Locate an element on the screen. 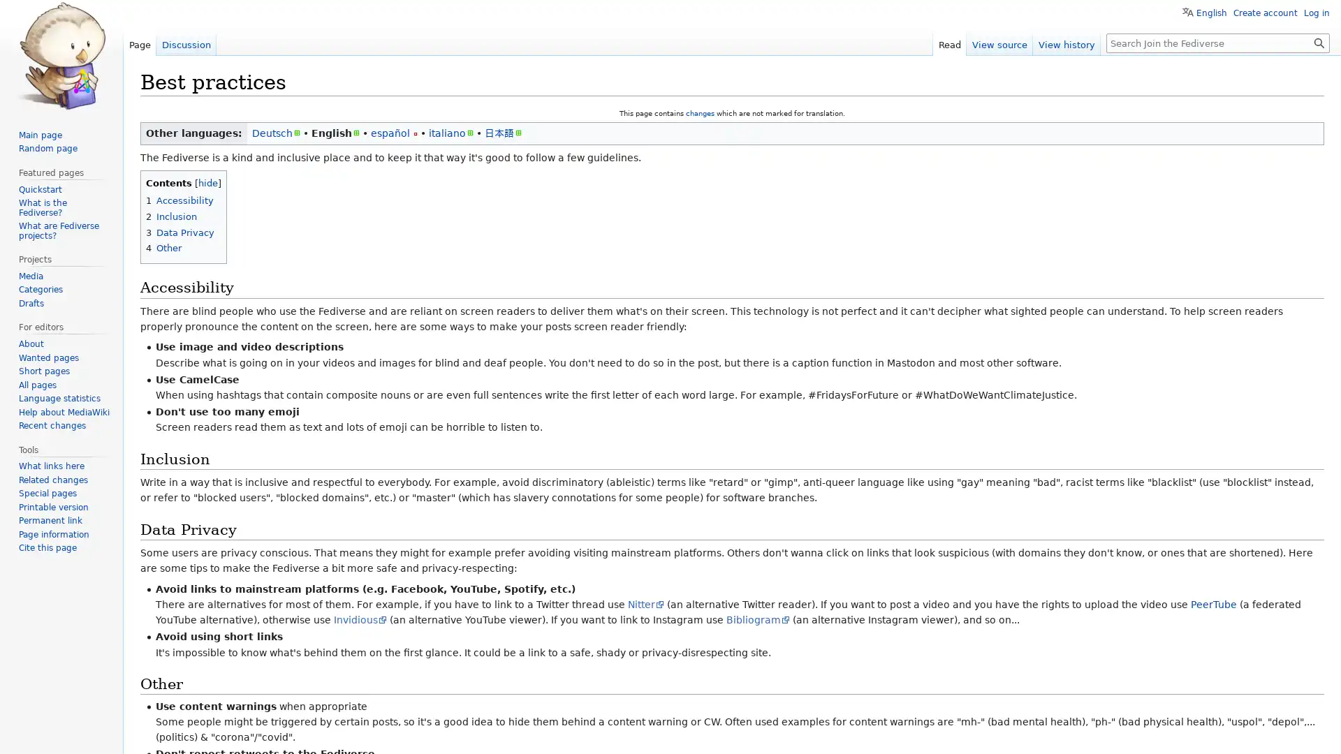  Search is located at coordinates (1319, 42).